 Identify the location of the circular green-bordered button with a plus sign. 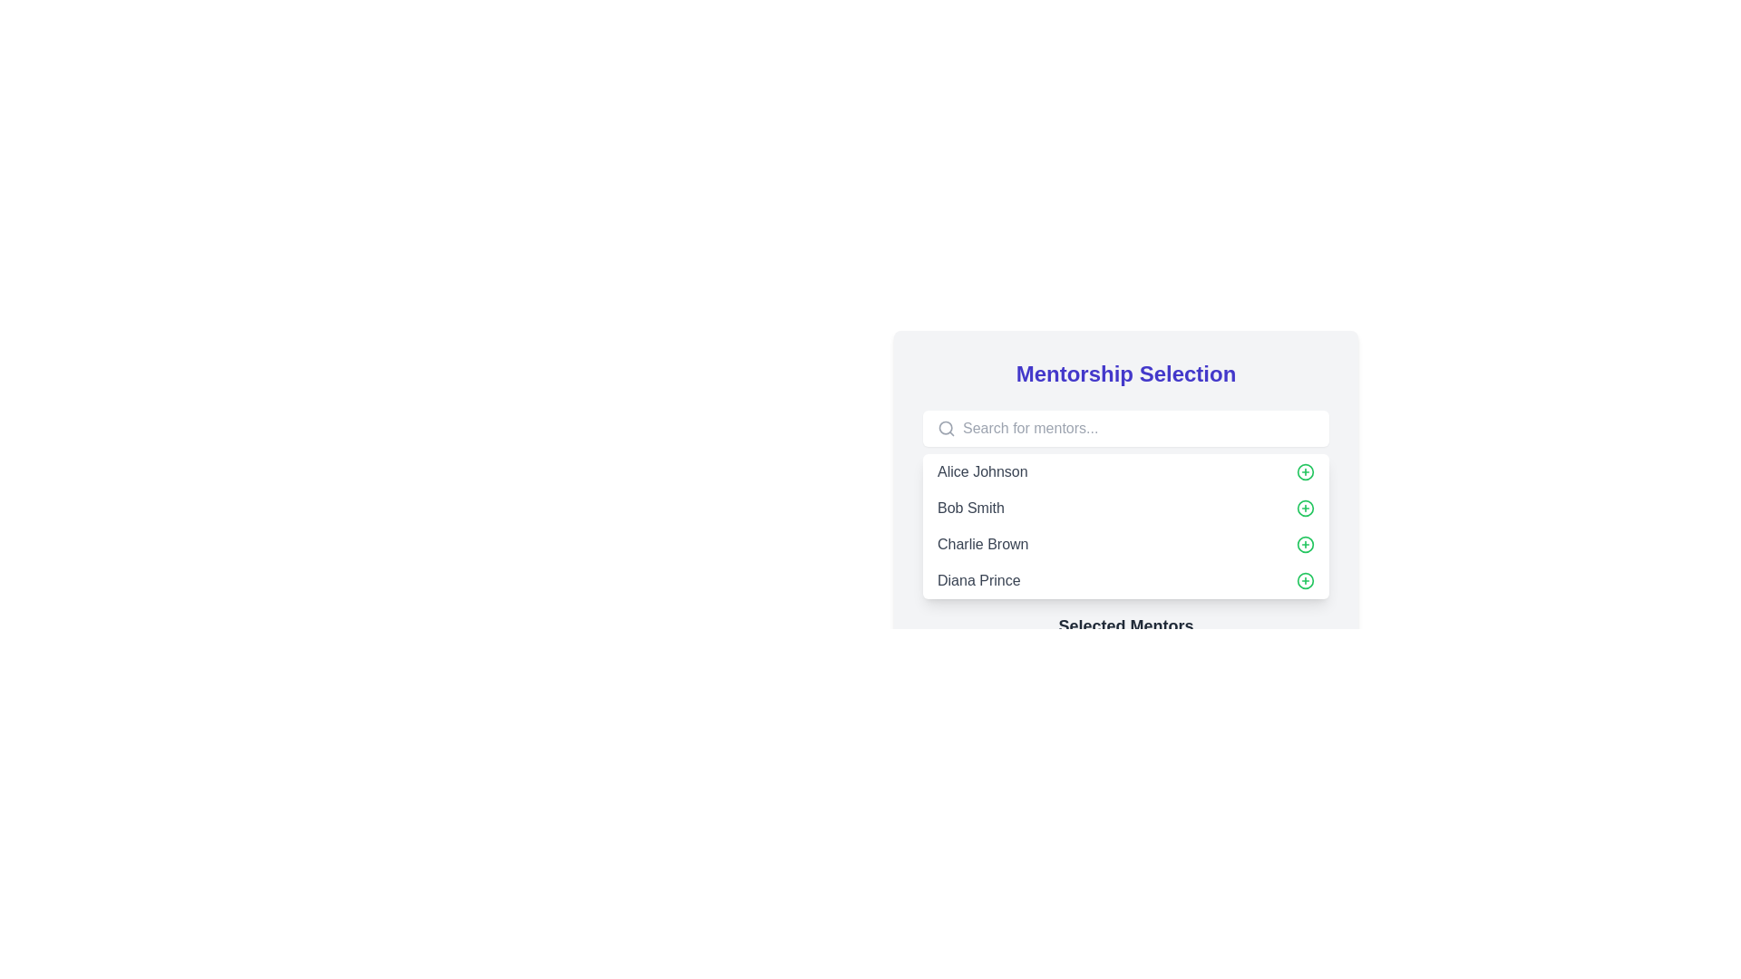
(1306, 544).